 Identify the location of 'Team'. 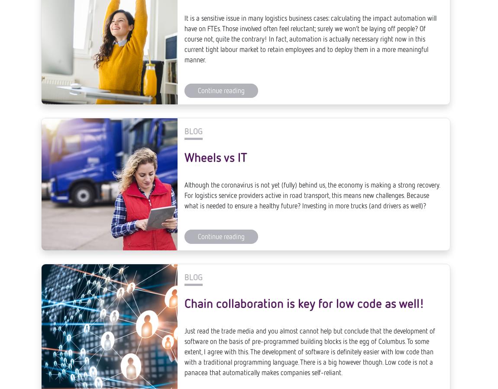
(272, 382).